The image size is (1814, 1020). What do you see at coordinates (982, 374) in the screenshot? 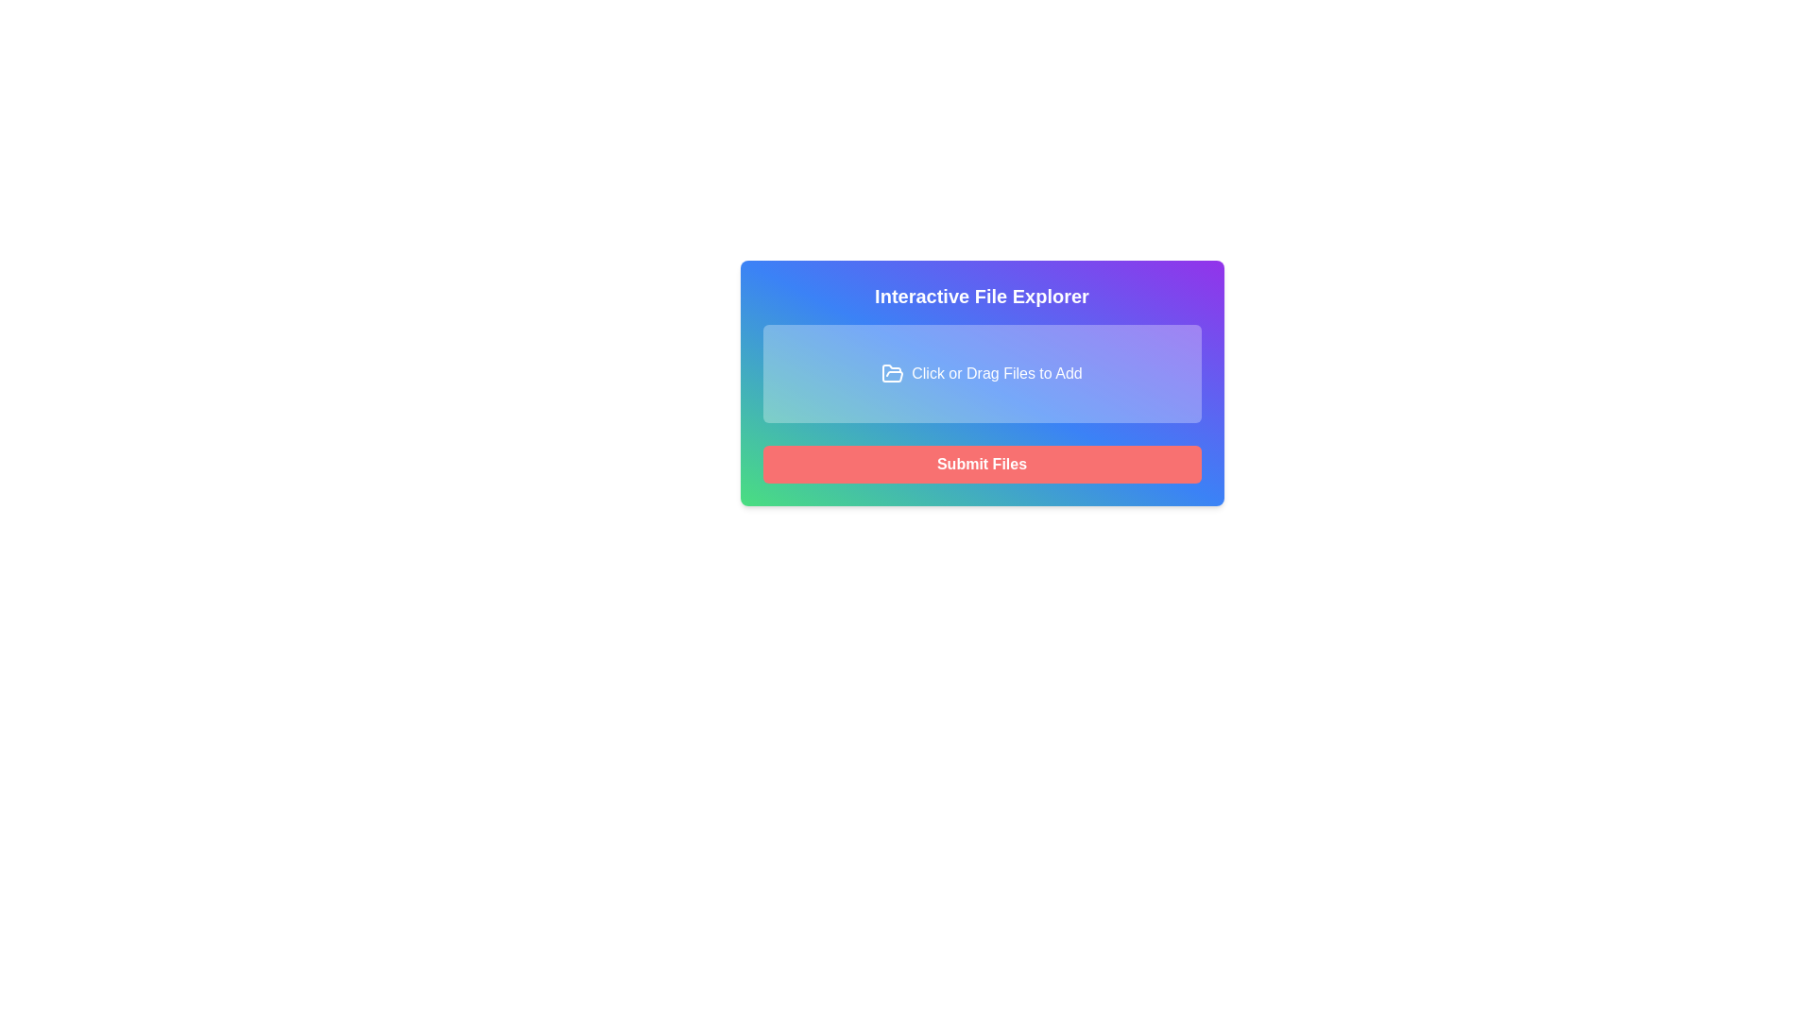
I see `the Interactive file input area below the heading 'Interactive File Explorer'` at bounding box center [982, 374].